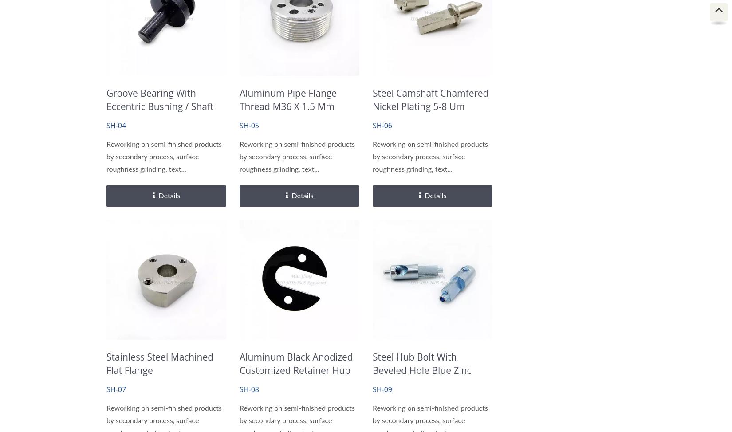  What do you see at coordinates (116, 125) in the screenshot?
I see `'SH-04'` at bounding box center [116, 125].